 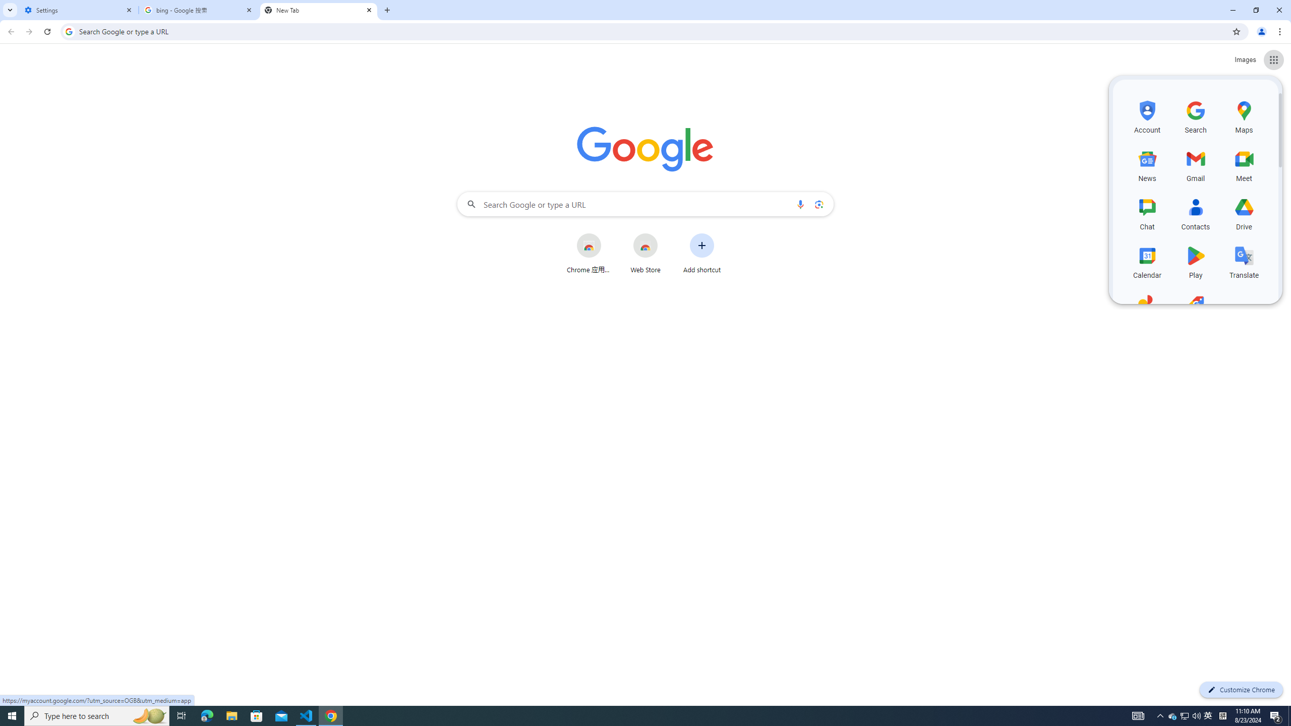 What do you see at coordinates (1244, 261) in the screenshot?
I see `'Translate, row 4 of 5 and column 3 of 3 in the first section'` at bounding box center [1244, 261].